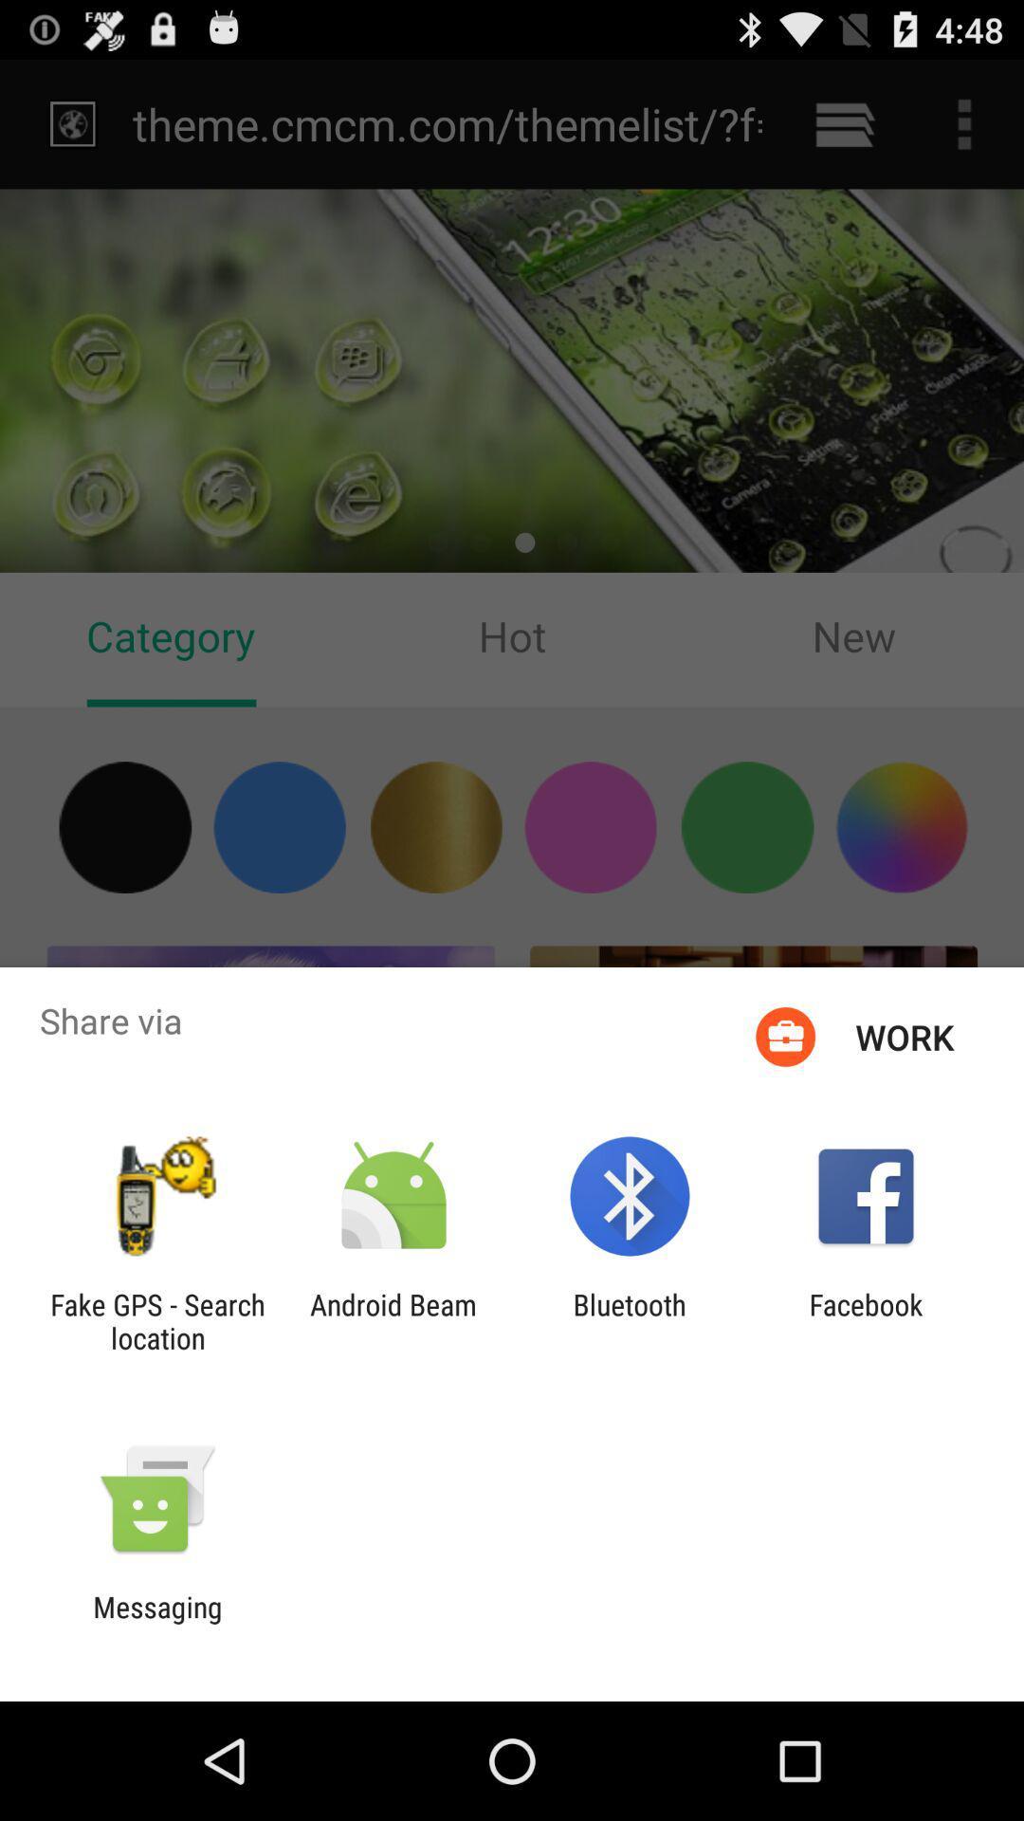 The height and width of the screenshot is (1821, 1024). I want to click on the android beam item, so click(393, 1320).